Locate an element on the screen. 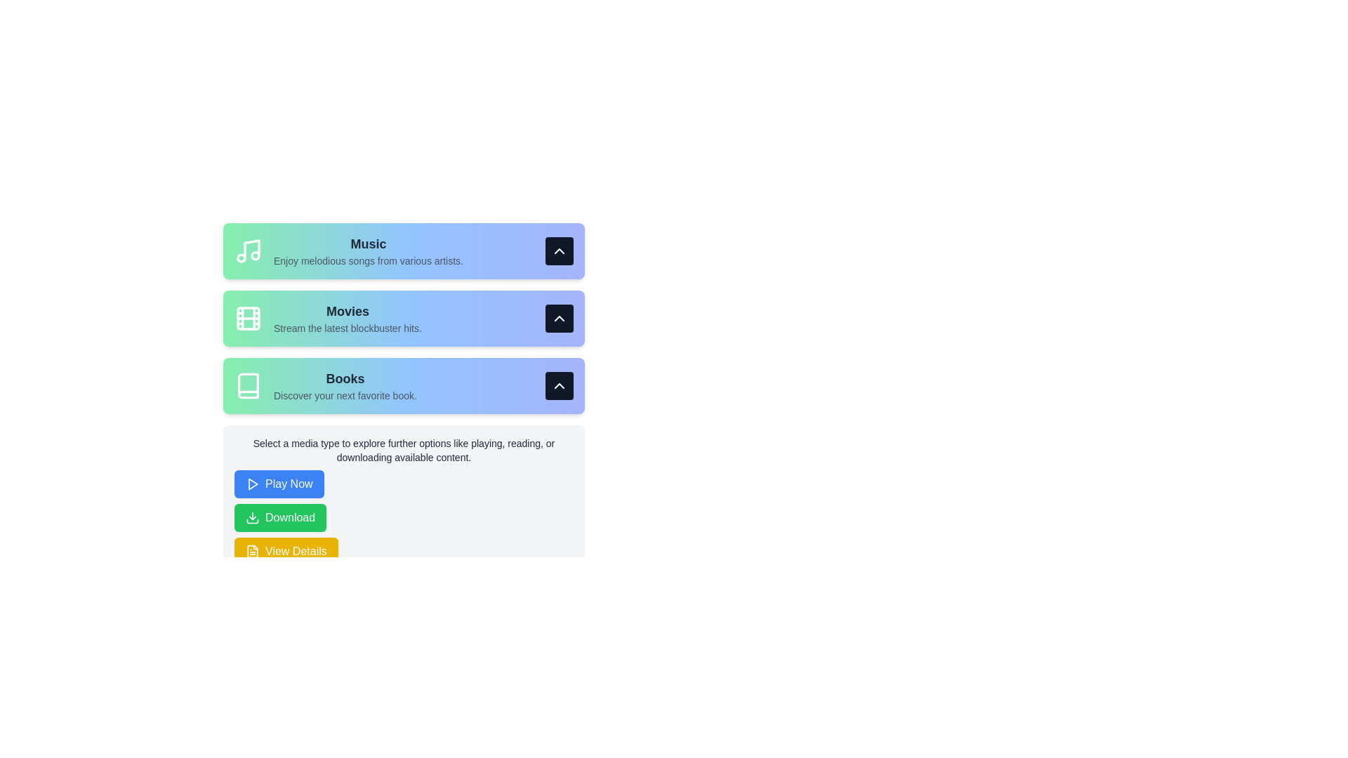  the chevron-up icon located within the dark background square on the right side of the 'Music' card is located at coordinates (558, 251).